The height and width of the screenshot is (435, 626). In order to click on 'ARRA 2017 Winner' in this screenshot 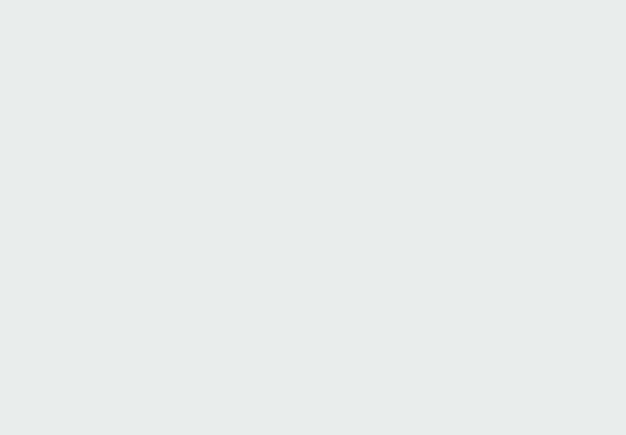, I will do `click(46, 45)`.